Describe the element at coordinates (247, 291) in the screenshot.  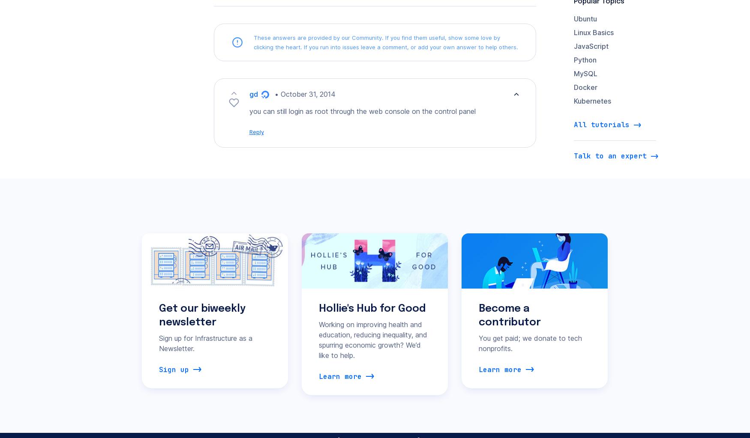
I see `'Pricing'` at that location.